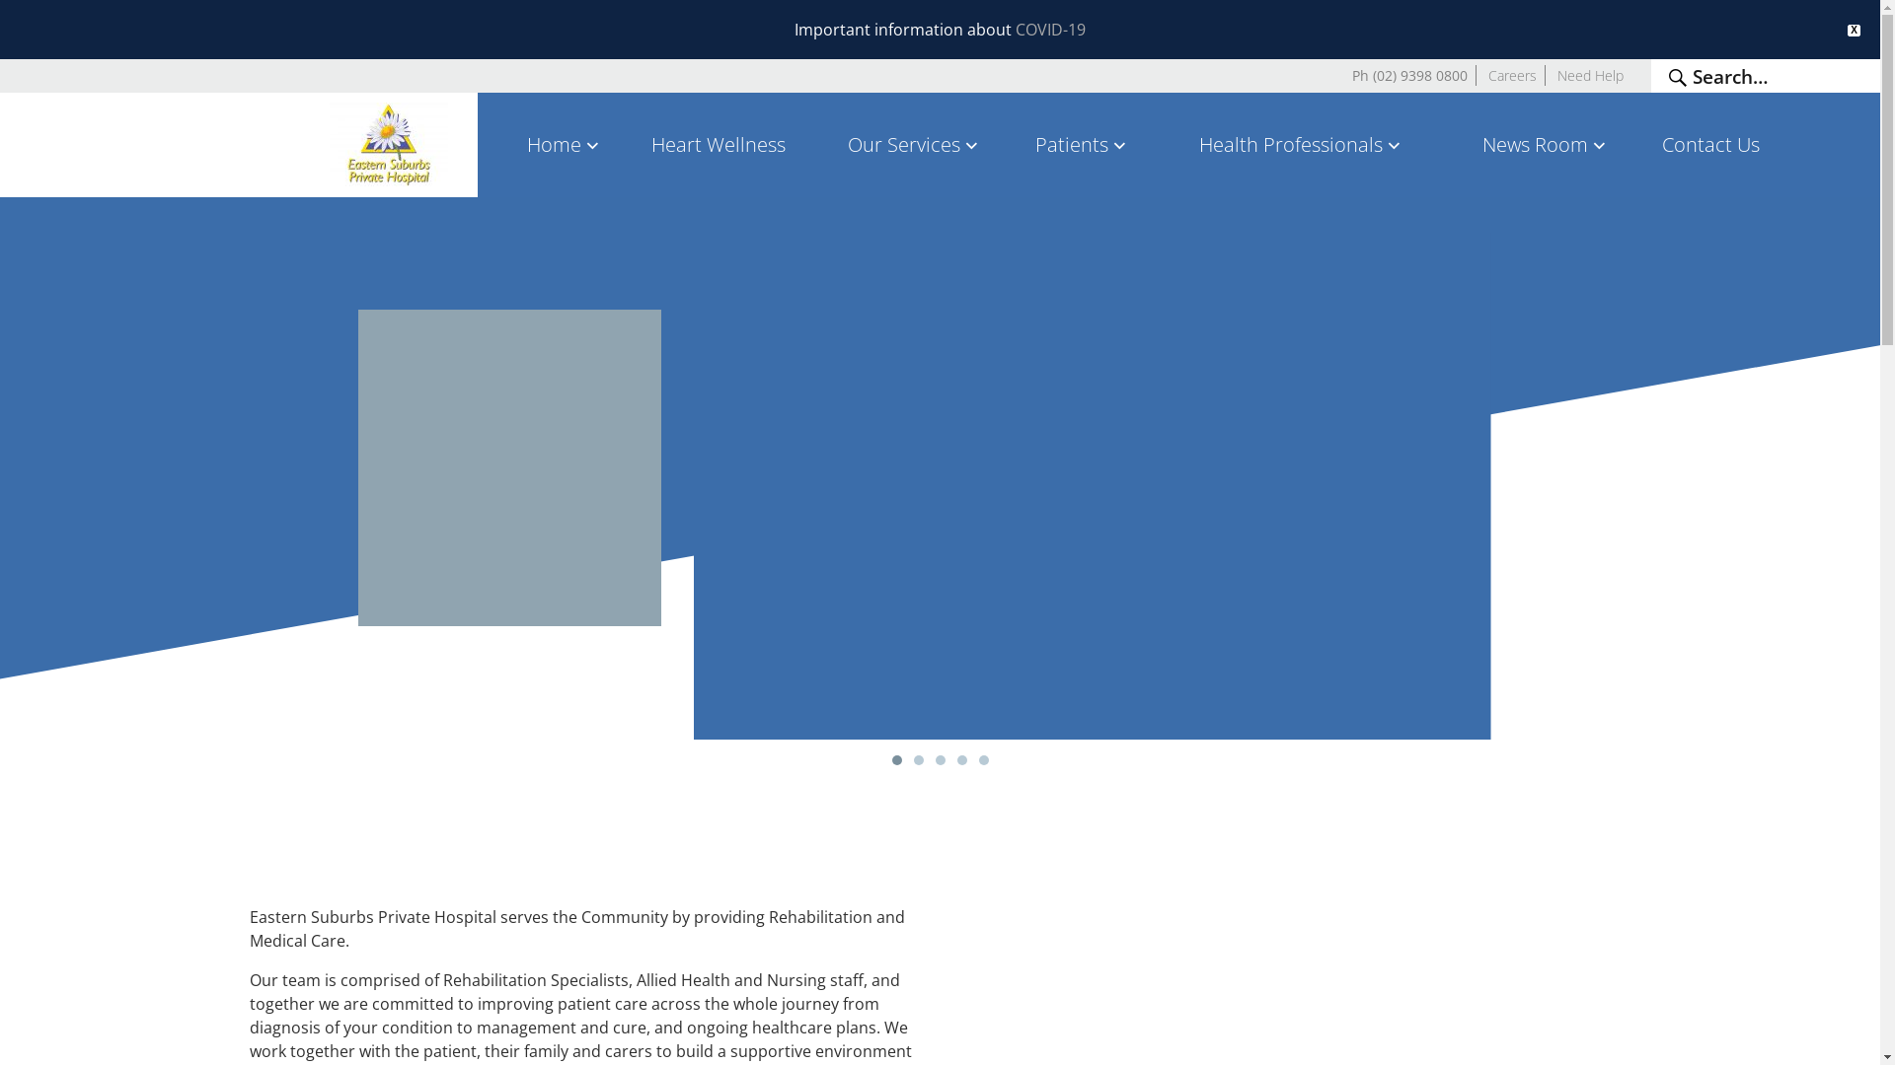  What do you see at coordinates (1556, 74) in the screenshot?
I see `'Need Help'` at bounding box center [1556, 74].